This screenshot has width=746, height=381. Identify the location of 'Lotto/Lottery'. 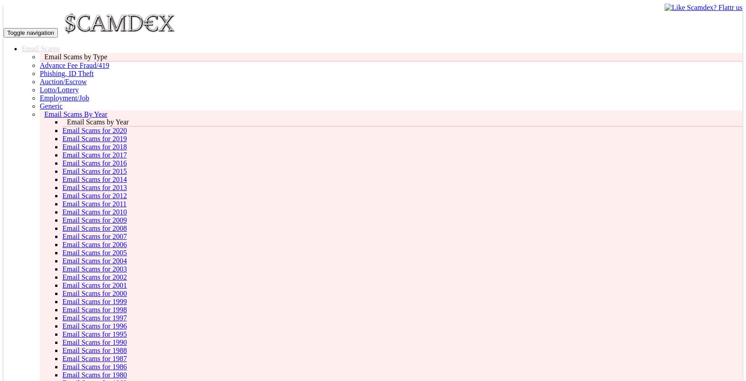
(59, 89).